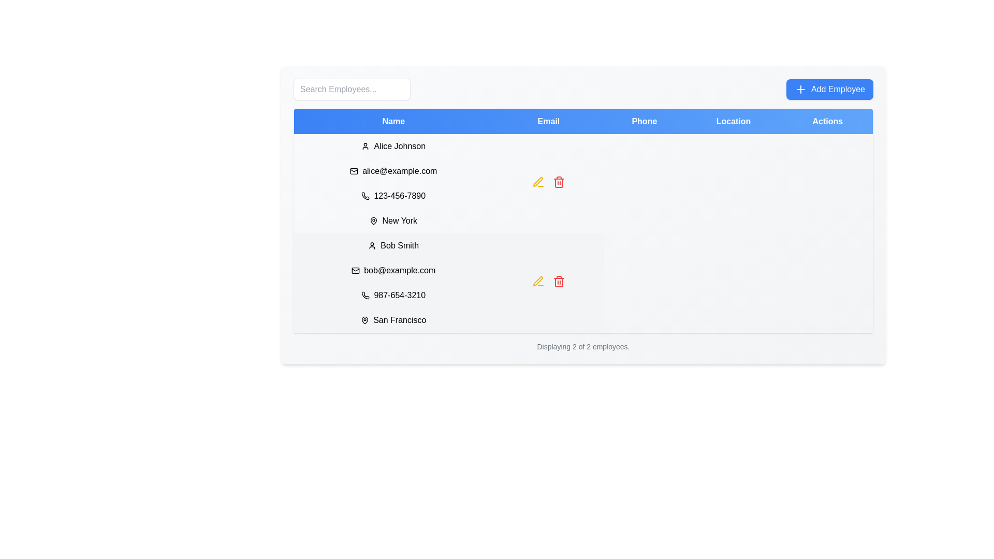 The height and width of the screenshot is (559, 994). Describe the element at coordinates (393, 245) in the screenshot. I see `the display label for a person's name located in the second row of the table under the 'Name' column, to the left of the email 'bob@example.com'` at that location.